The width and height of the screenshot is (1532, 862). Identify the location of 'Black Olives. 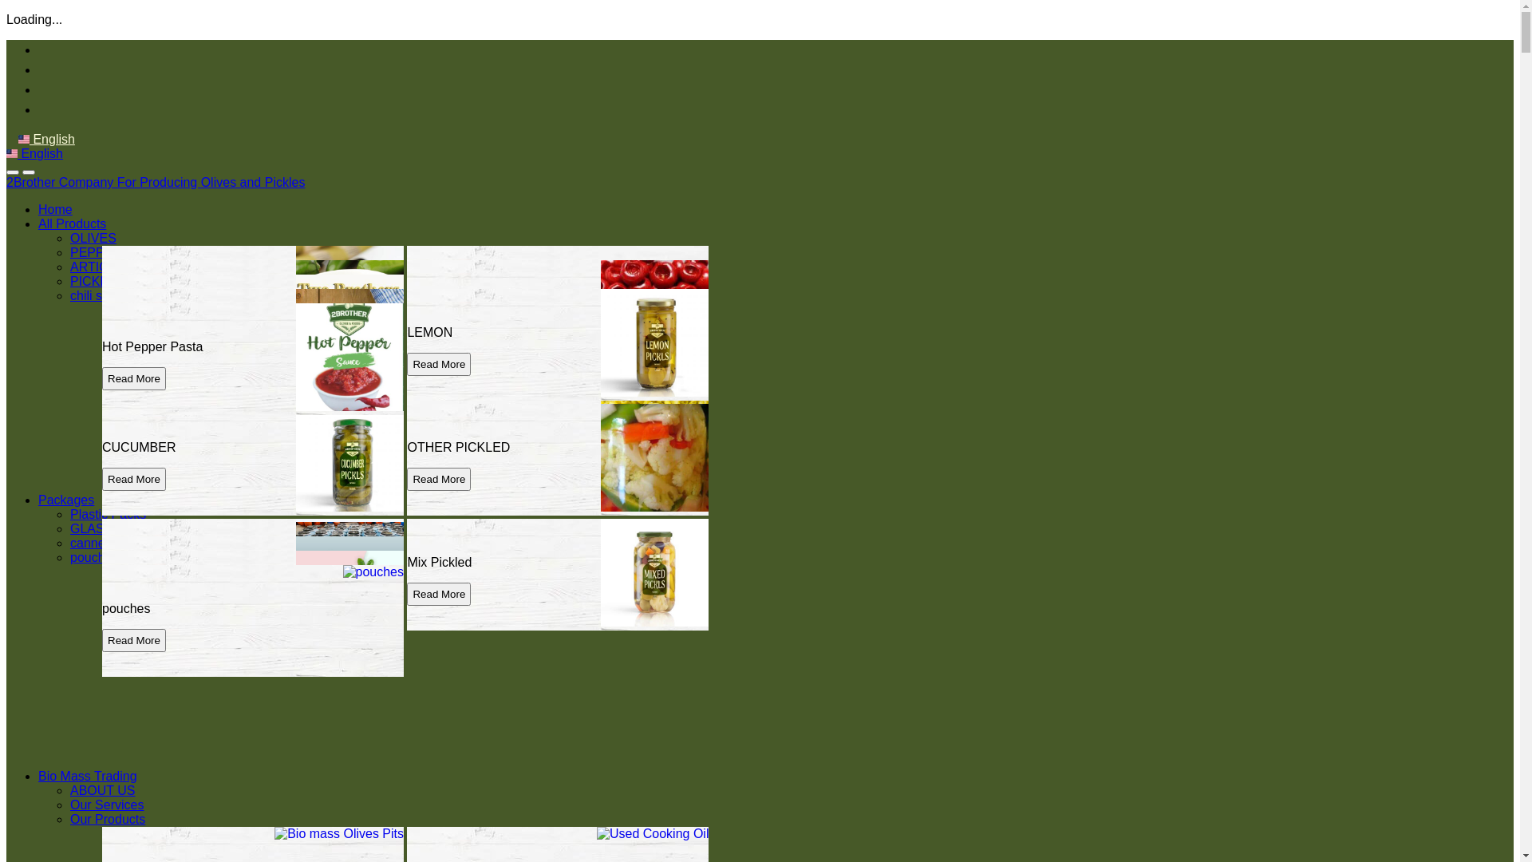
(251, 302).